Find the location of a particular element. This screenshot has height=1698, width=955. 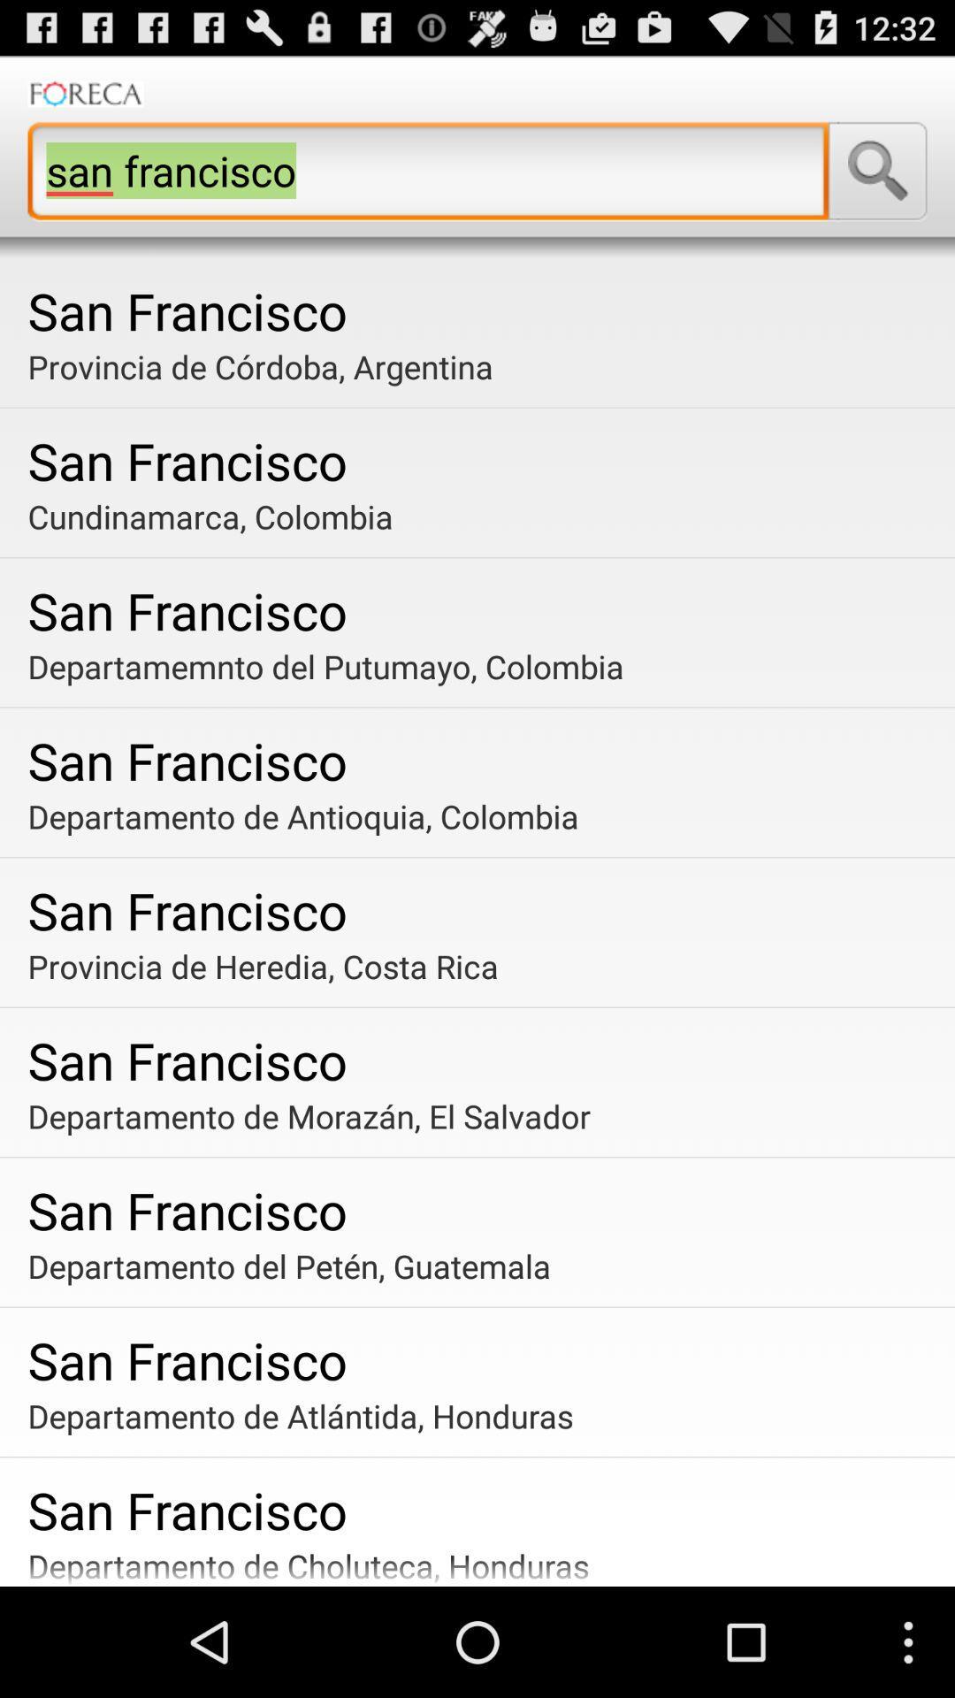

app above the san francisco icon is located at coordinates (484, 516).